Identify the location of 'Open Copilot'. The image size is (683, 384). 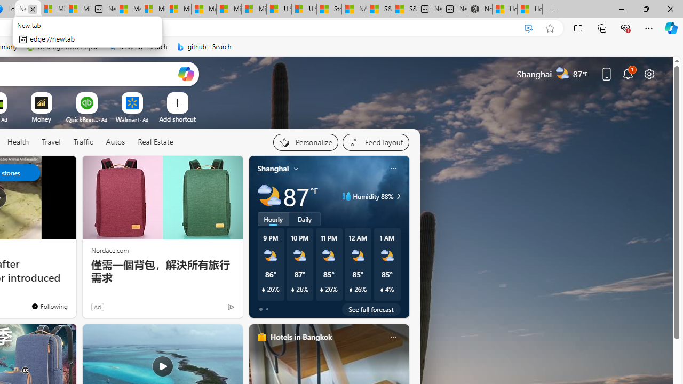
(186, 73).